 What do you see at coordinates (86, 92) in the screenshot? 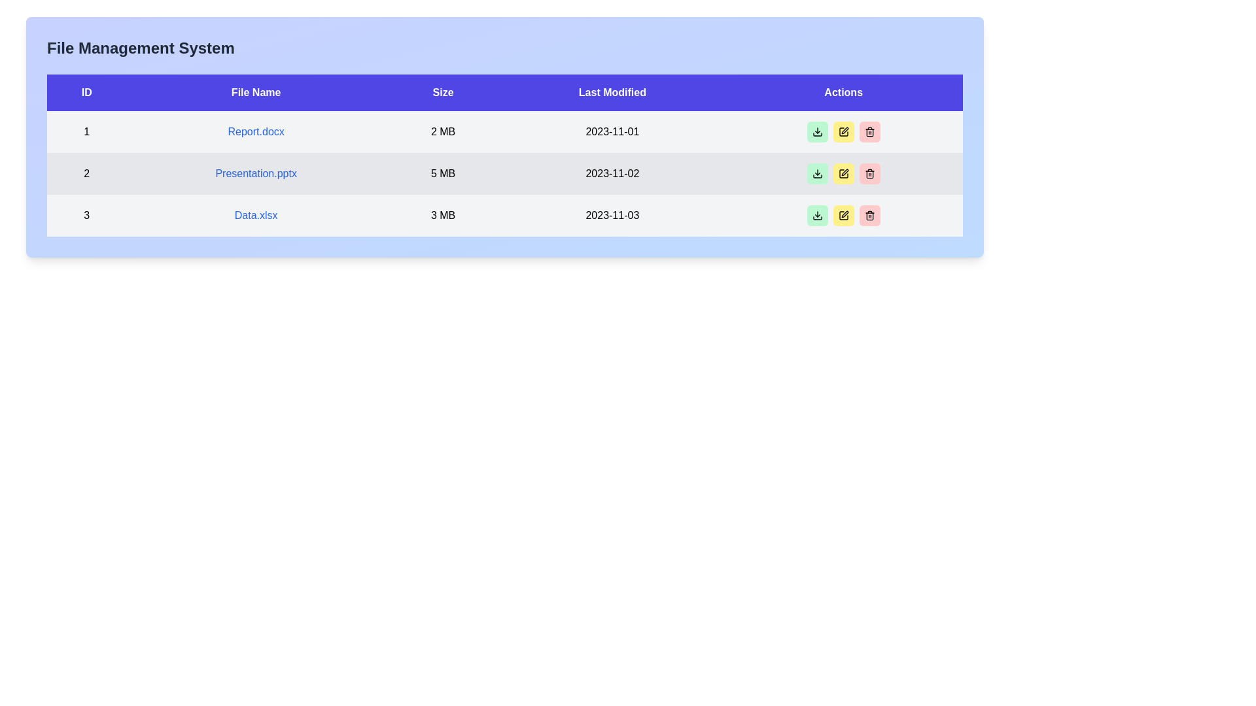
I see `the Text label that serves as the header for the 'ID' column in the table, which is located at the very left of the row of column headers` at bounding box center [86, 92].